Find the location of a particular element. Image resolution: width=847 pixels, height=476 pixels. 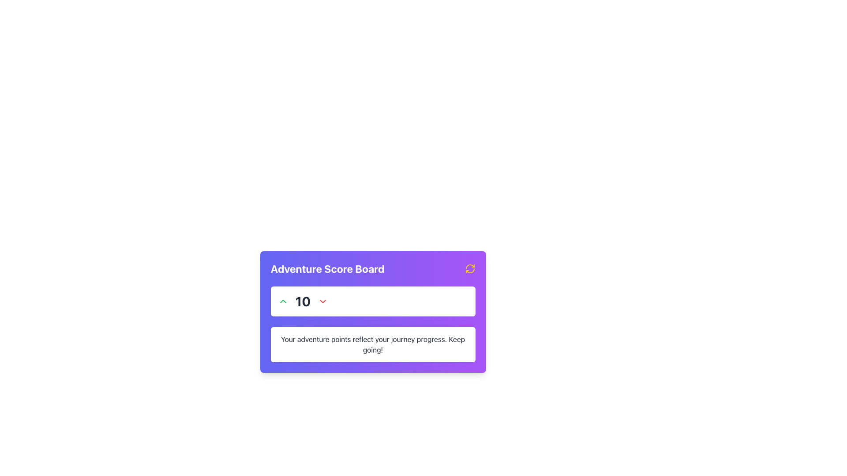

text from the Message box located within the 'Adventure Score Board' widget, positioned directly below the score display showing '10' is located at coordinates (373, 344).